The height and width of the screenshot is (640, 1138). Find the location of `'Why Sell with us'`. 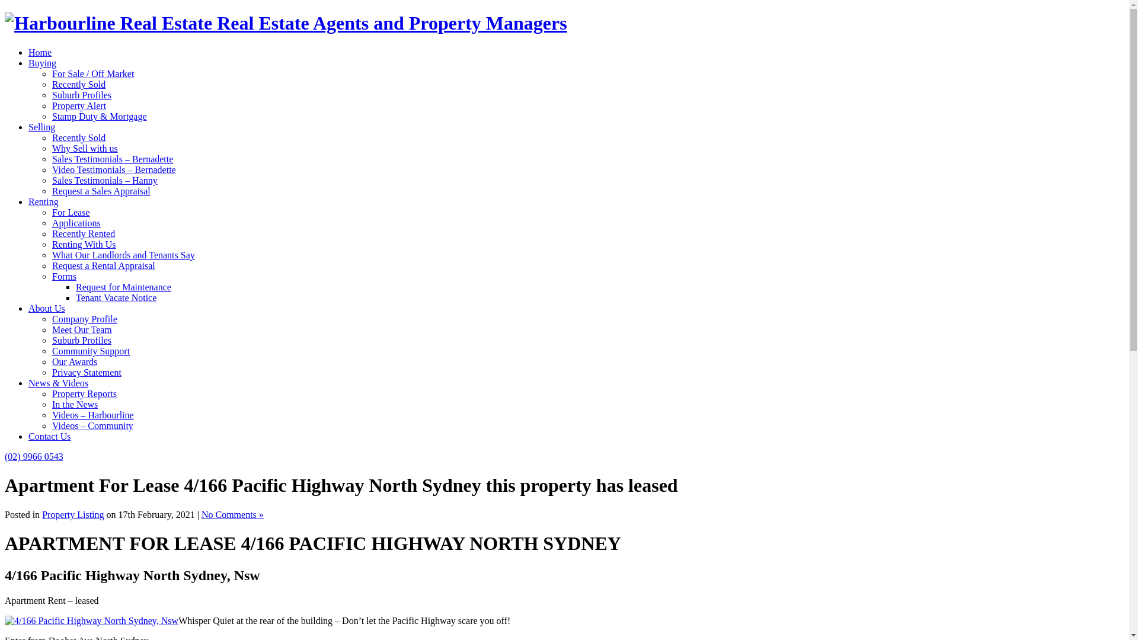

'Why Sell with us' is located at coordinates (84, 148).